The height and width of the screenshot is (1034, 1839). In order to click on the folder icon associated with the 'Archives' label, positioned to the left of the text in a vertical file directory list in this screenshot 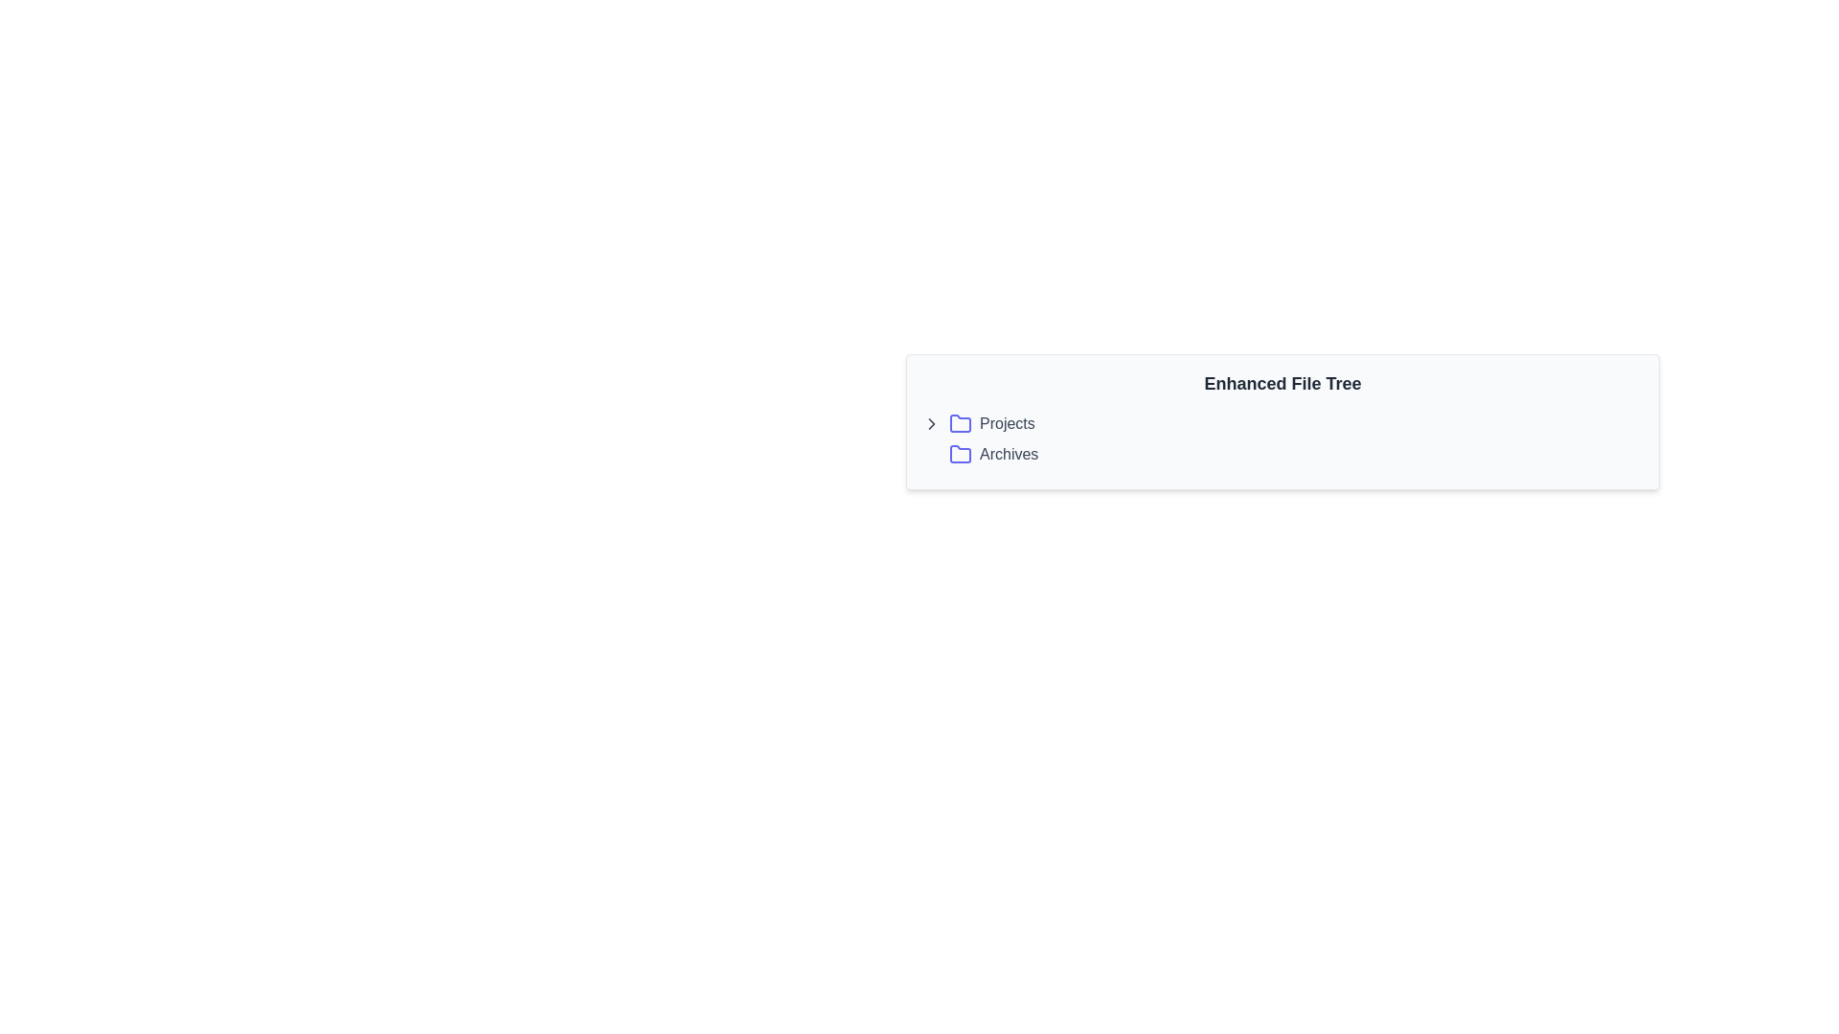, I will do `click(961, 454)`.